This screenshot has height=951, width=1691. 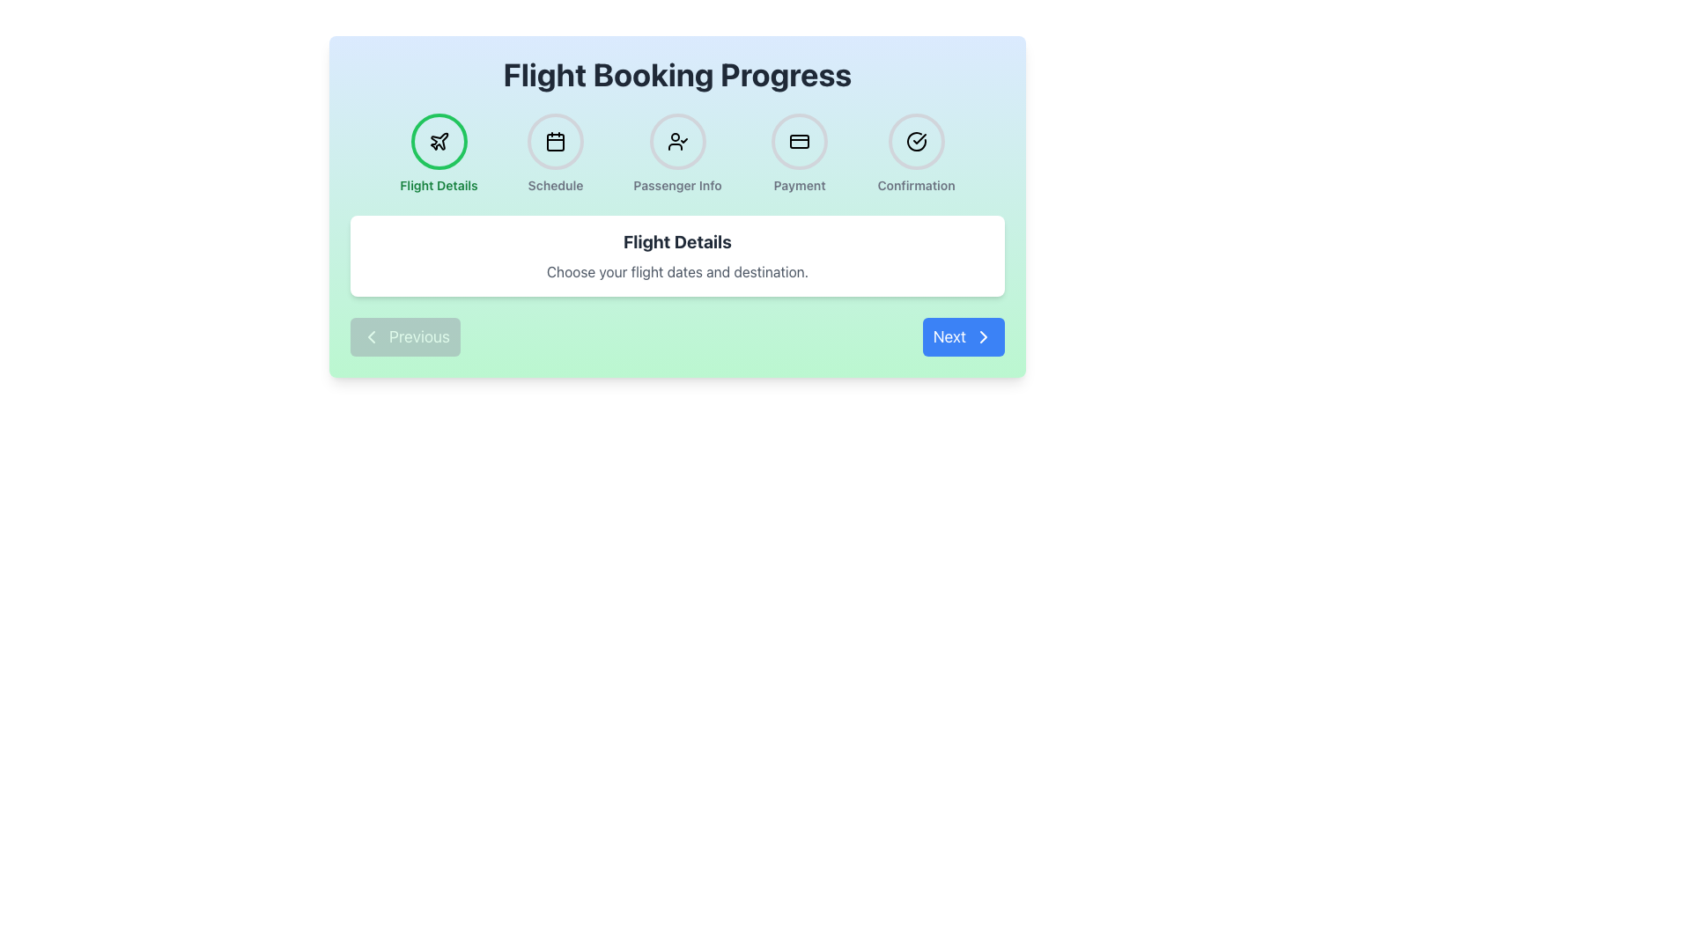 What do you see at coordinates (676, 141) in the screenshot?
I see `the user icon with a checkmark, which is located in the third step of the progress bar labeled 'Passenger Info'` at bounding box center [676, 141].